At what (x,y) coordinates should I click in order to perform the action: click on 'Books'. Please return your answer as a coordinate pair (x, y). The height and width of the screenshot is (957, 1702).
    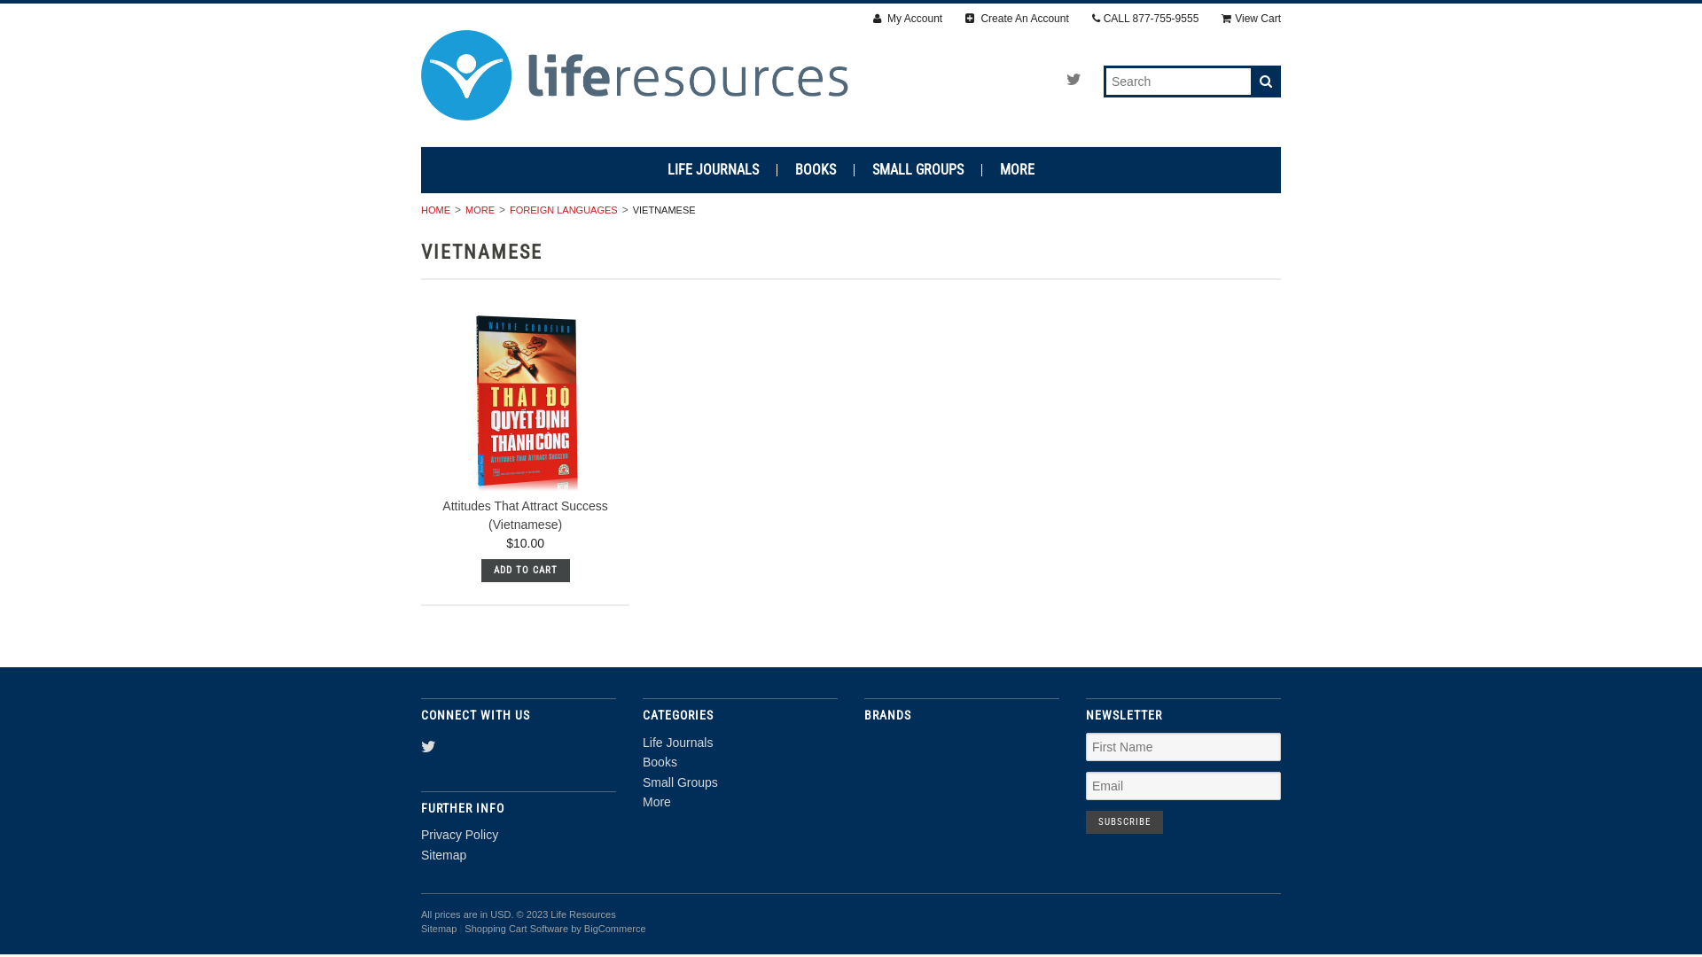
    Looking at the image, I should click on (659, 761).